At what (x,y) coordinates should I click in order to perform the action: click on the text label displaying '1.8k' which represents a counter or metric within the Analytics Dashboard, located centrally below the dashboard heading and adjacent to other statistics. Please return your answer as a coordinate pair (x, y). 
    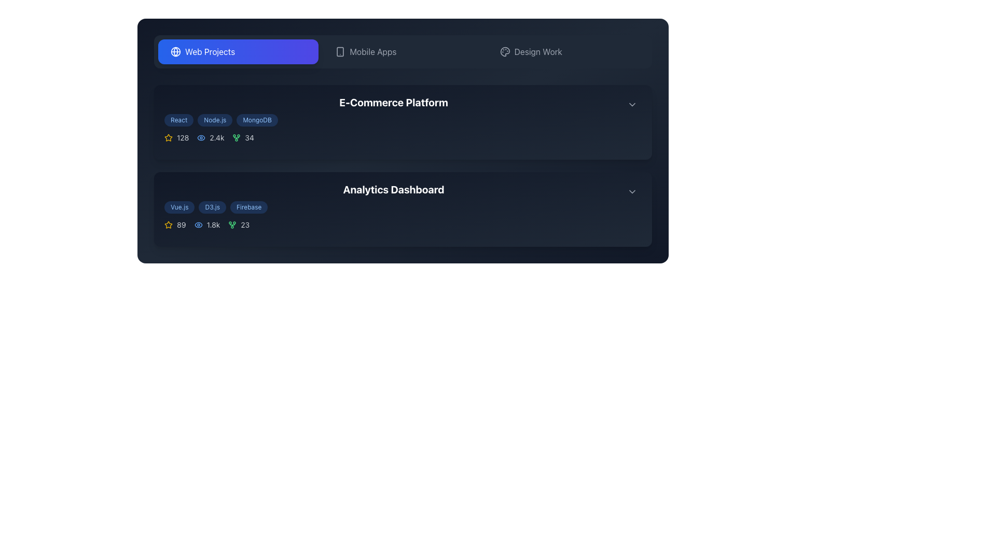
    Looking at the image, I should click on (213, 225).